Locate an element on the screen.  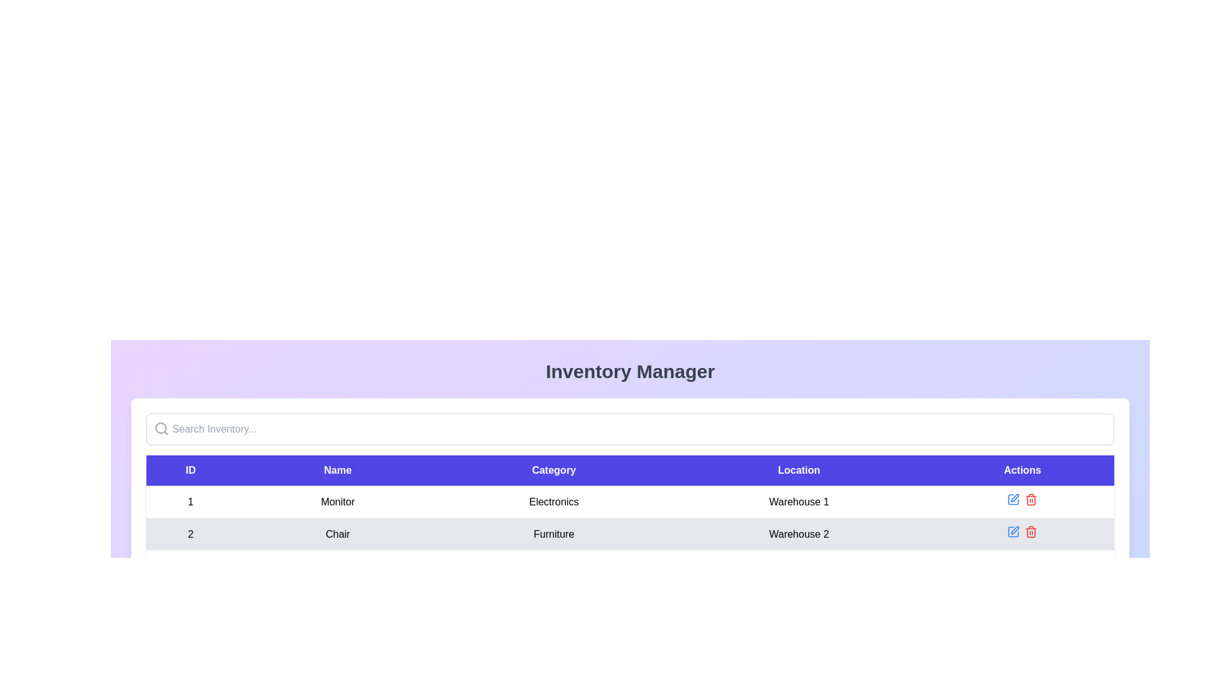
the blue icon in the actions column is located at coordinates (1022, 534).